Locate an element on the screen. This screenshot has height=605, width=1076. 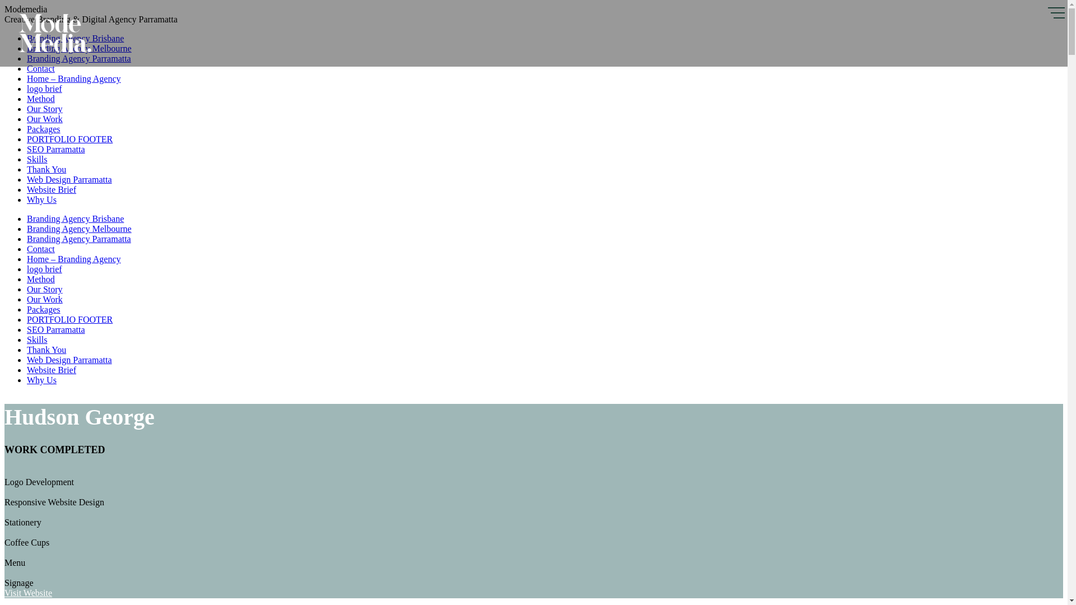
'SEO Parramatta' is located at coordinates (55, 148).